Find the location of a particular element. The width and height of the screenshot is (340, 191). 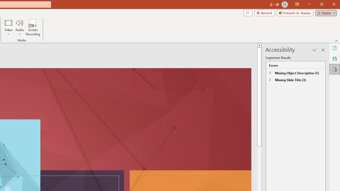

'Translator' is located at coordinates (334, 59).